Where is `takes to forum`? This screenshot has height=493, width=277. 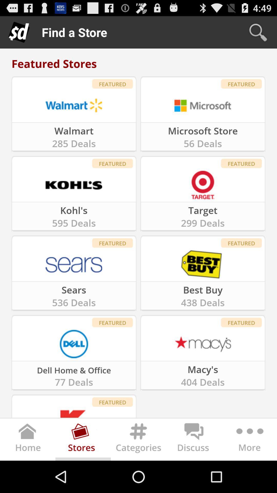 takes to forum is located at coordinates (194, 440).